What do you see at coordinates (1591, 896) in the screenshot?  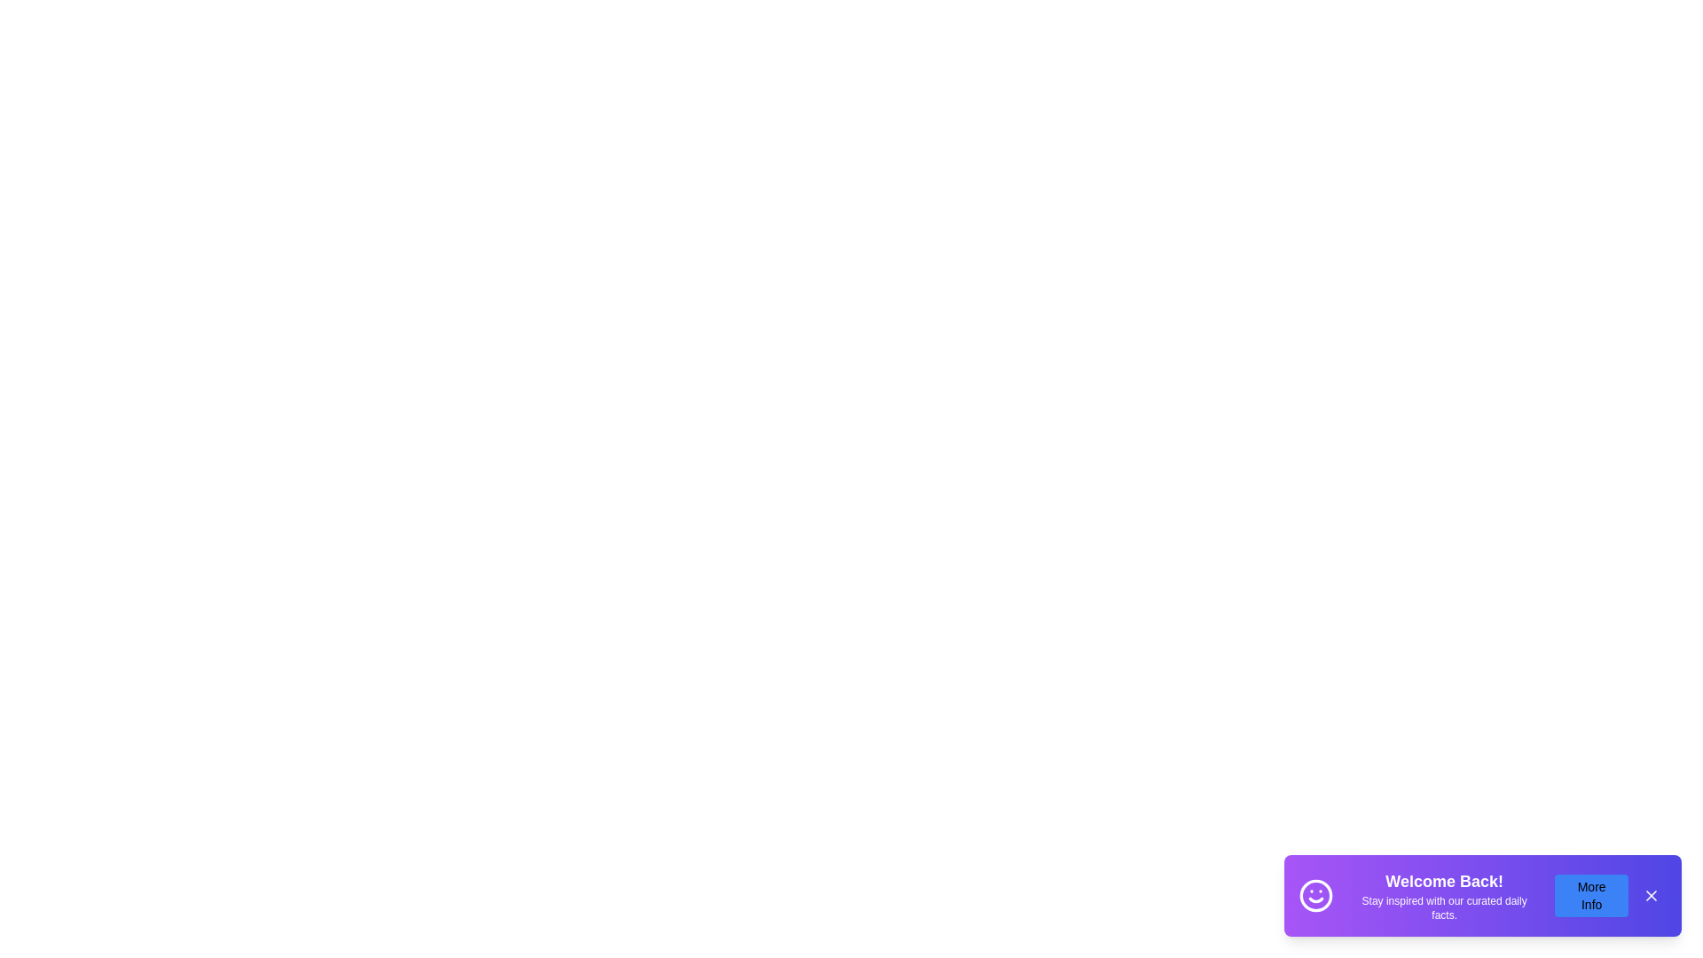 I see `the more_info_button to trigger its hover effect` at bounding box center [1591, 896].